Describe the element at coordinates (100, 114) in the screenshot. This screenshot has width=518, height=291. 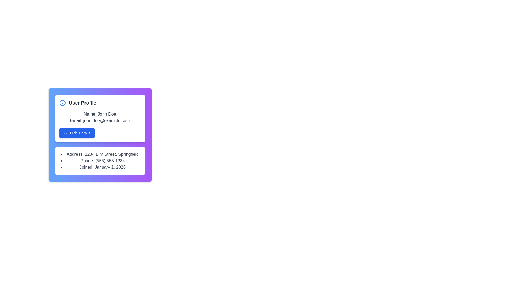
I see `the text label displaying 'Name: John Doe' which is styled with a gray font and located within the user profile card interface` at that location.